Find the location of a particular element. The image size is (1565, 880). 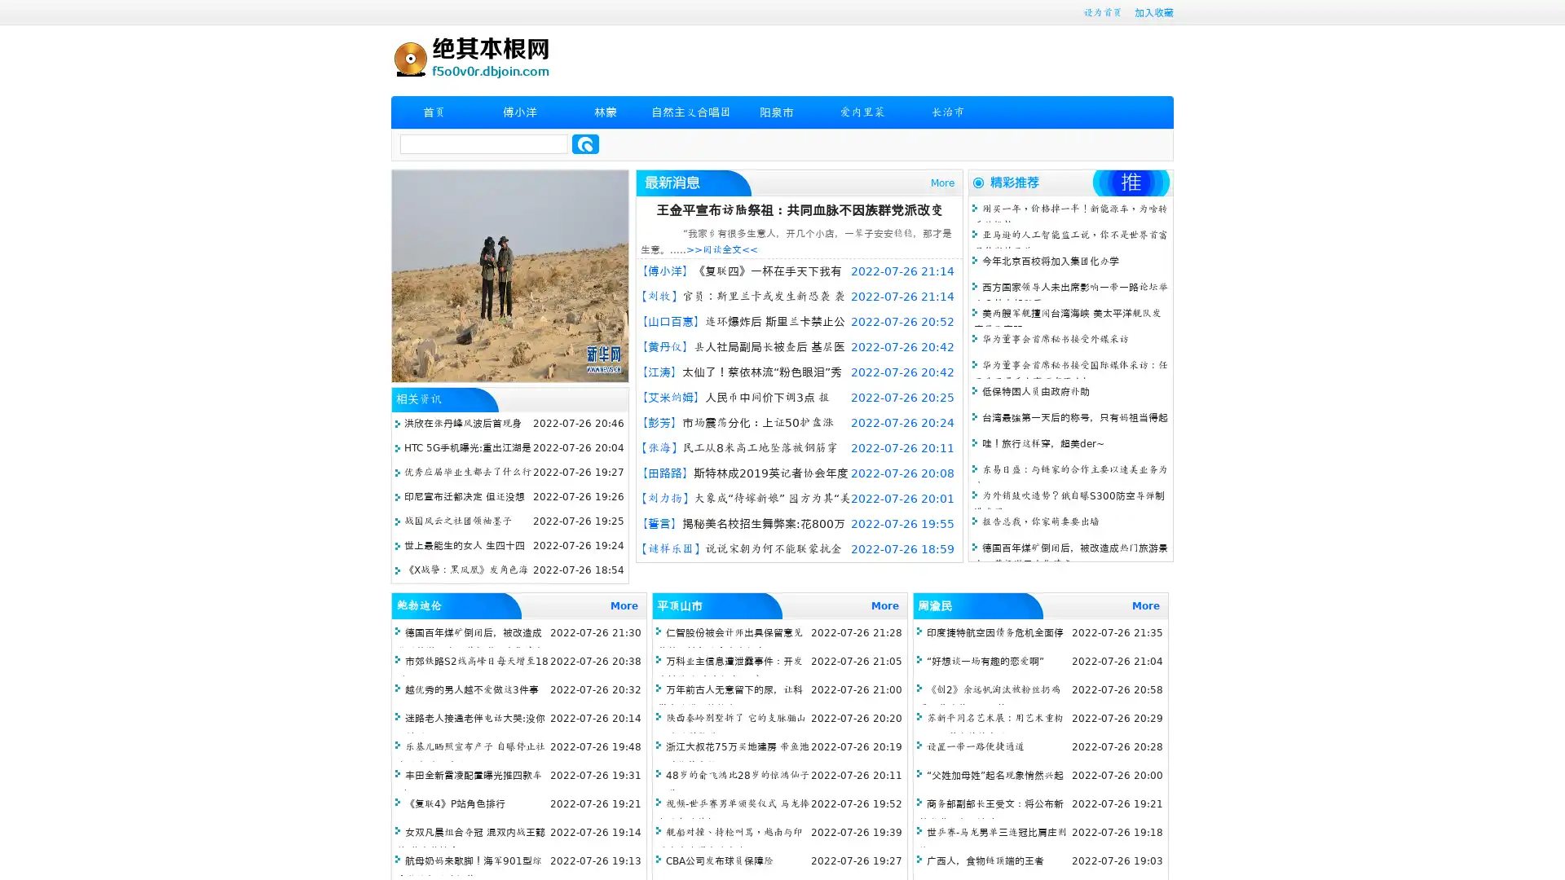

Search is located at coordinates (585, 143).